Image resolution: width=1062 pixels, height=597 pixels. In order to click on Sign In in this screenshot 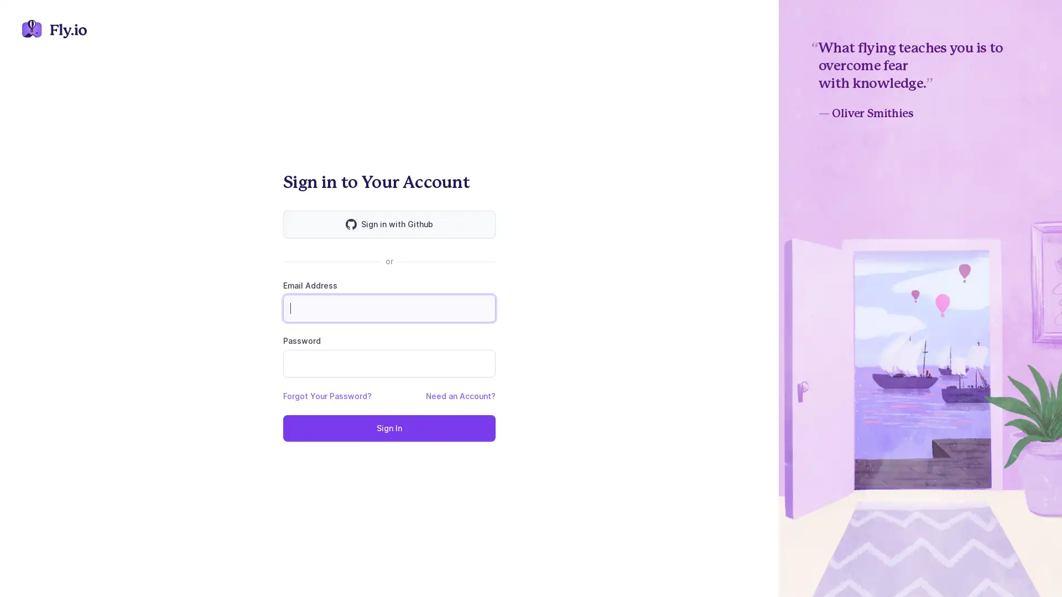, I will do `click(389, 428)`.